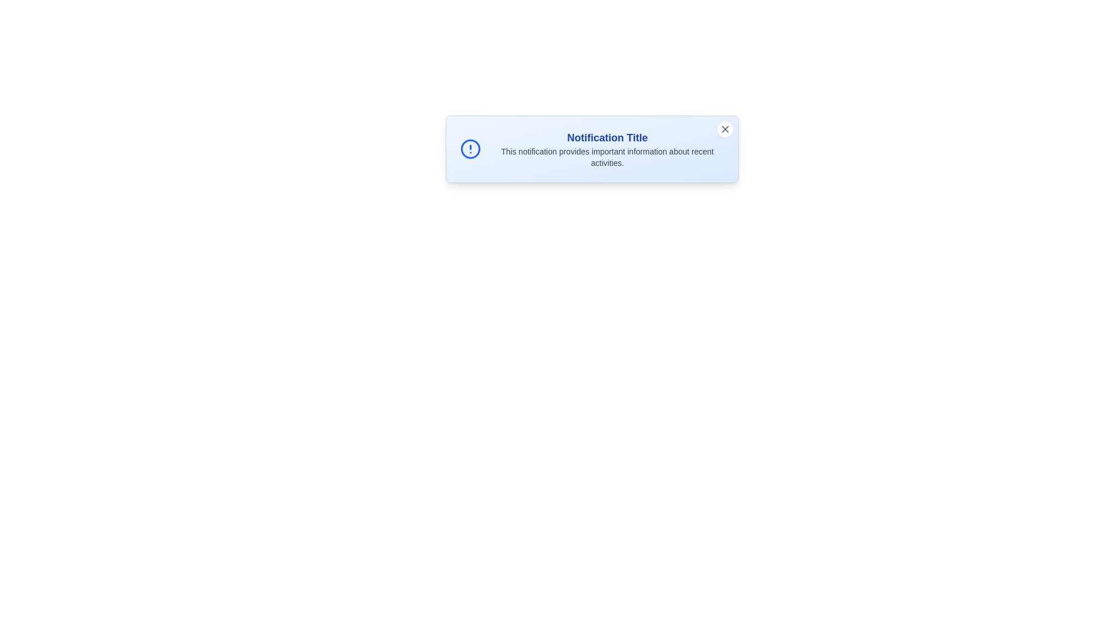  Describe the element at coordinates (607, 149) in the screenshot. I see `text from the main textual content of the notification located within the notification box, situated to the right of a blue icon` at that location.